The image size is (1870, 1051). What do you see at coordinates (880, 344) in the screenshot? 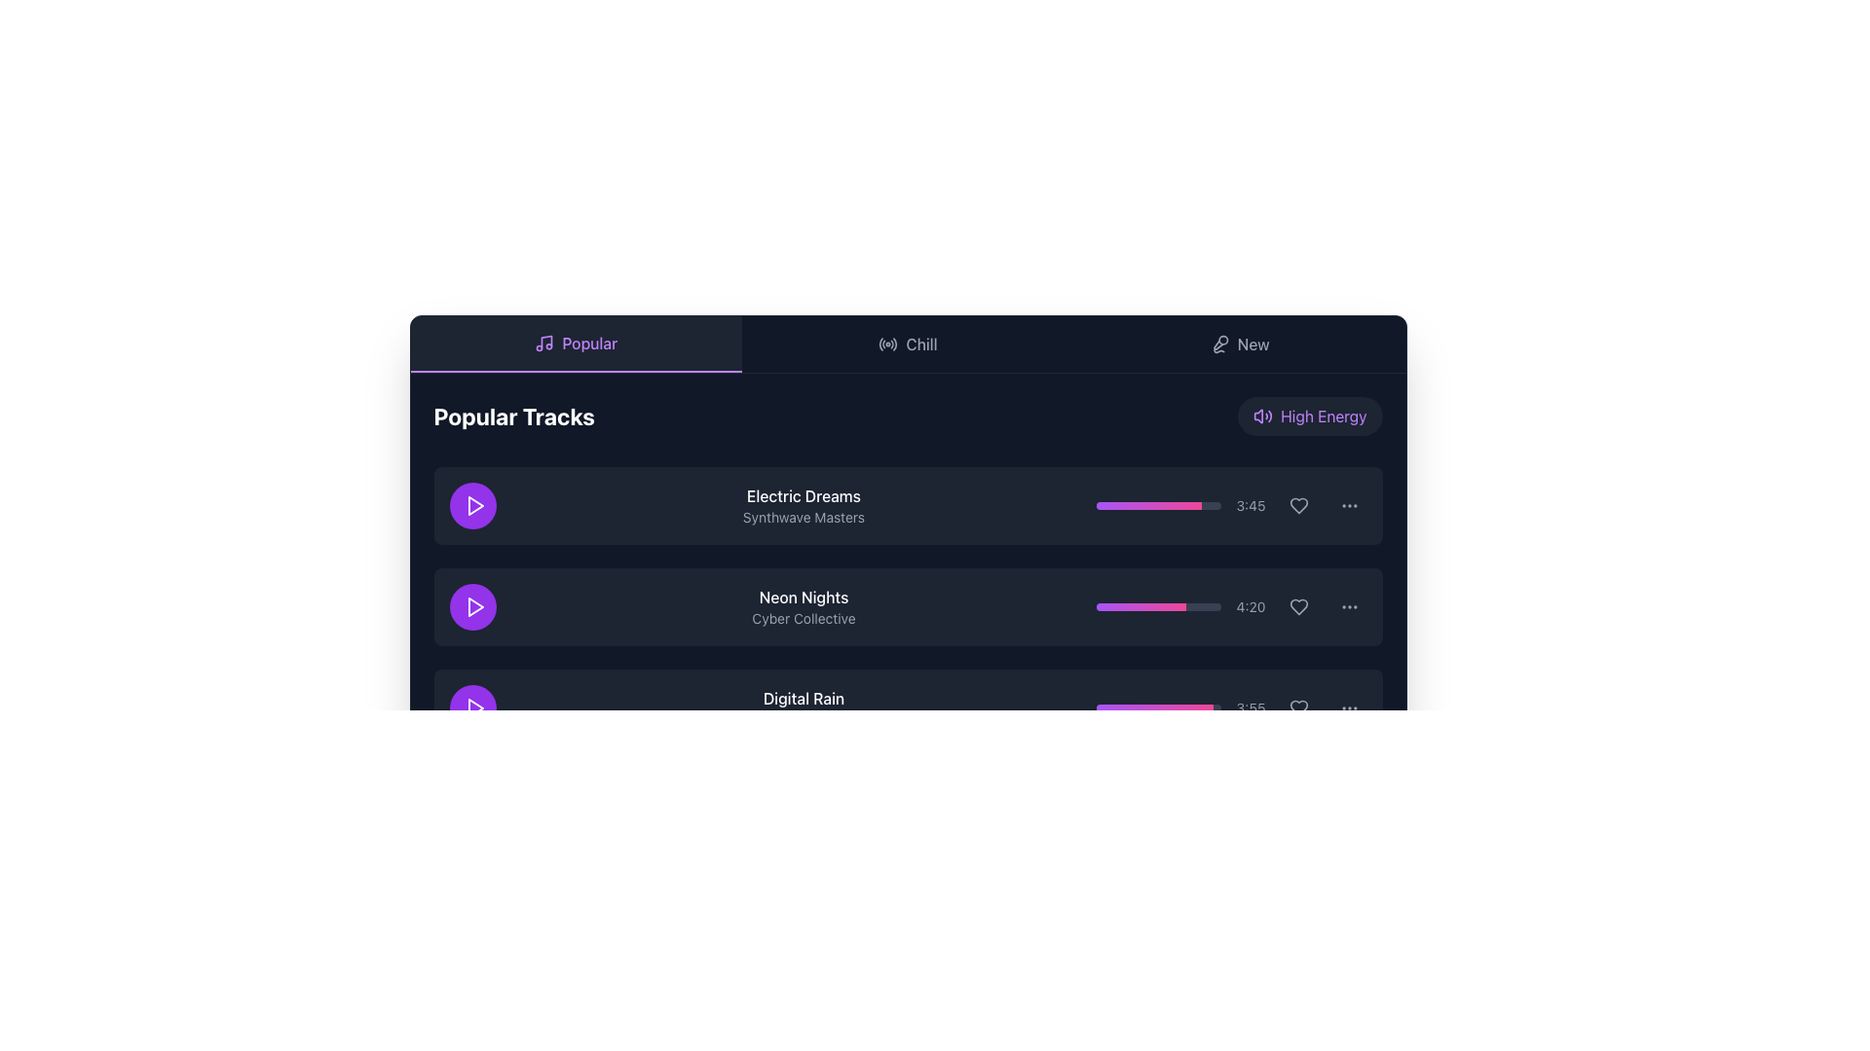
I see `the innermost left segment of the circular icon representing sound, waves, or connectivity` at bounding box center [880, 344].